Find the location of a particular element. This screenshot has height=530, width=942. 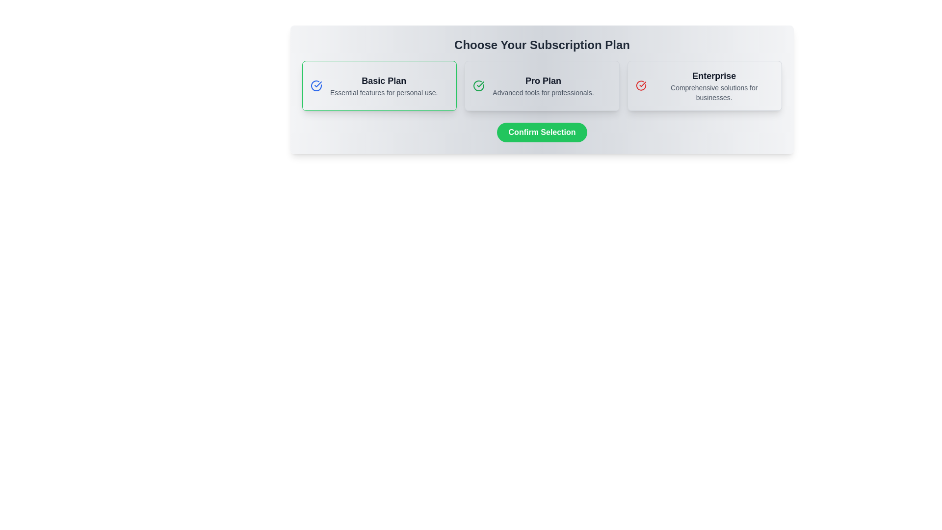

text label for the 'Enterprise' subscription plan, which is located at the top of the rightmost card in a set of three cards labeled 'Basic Plan', 'Pro Plan', and 'Enterprise' is located at coordinates (714, 75).